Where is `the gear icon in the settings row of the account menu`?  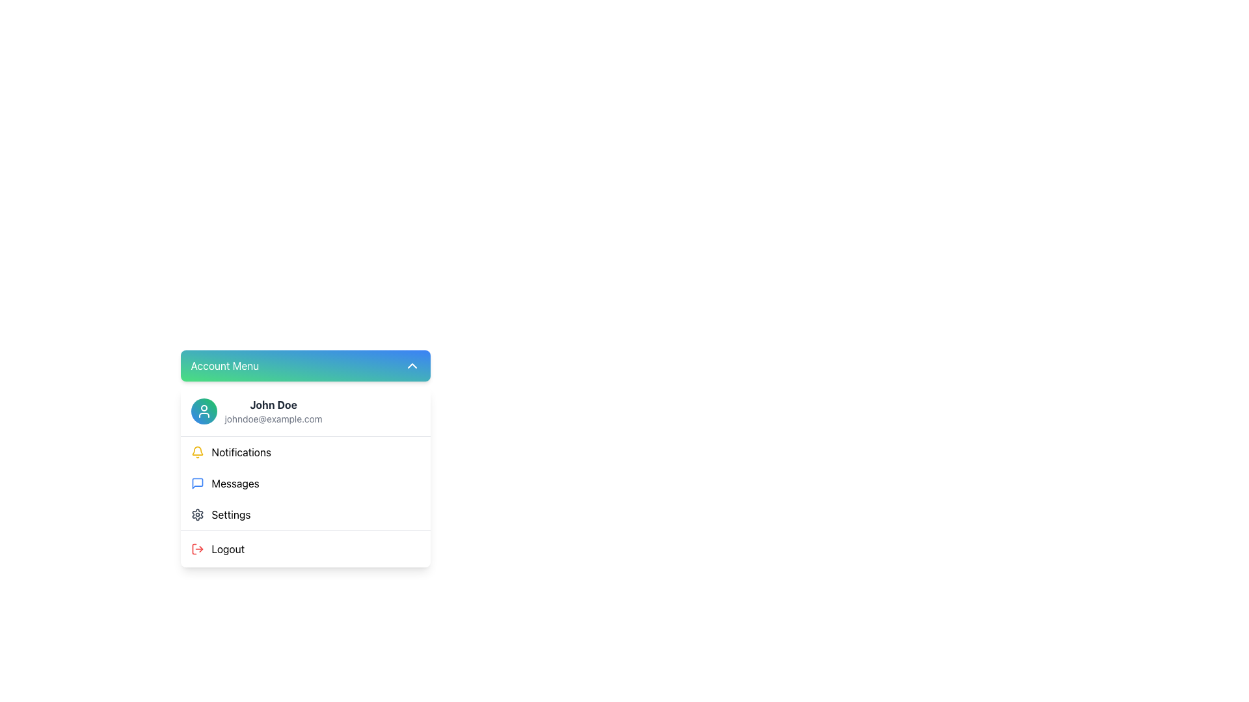
the gear icon in the settings row of the account menu is located at coordinates (196, 513).